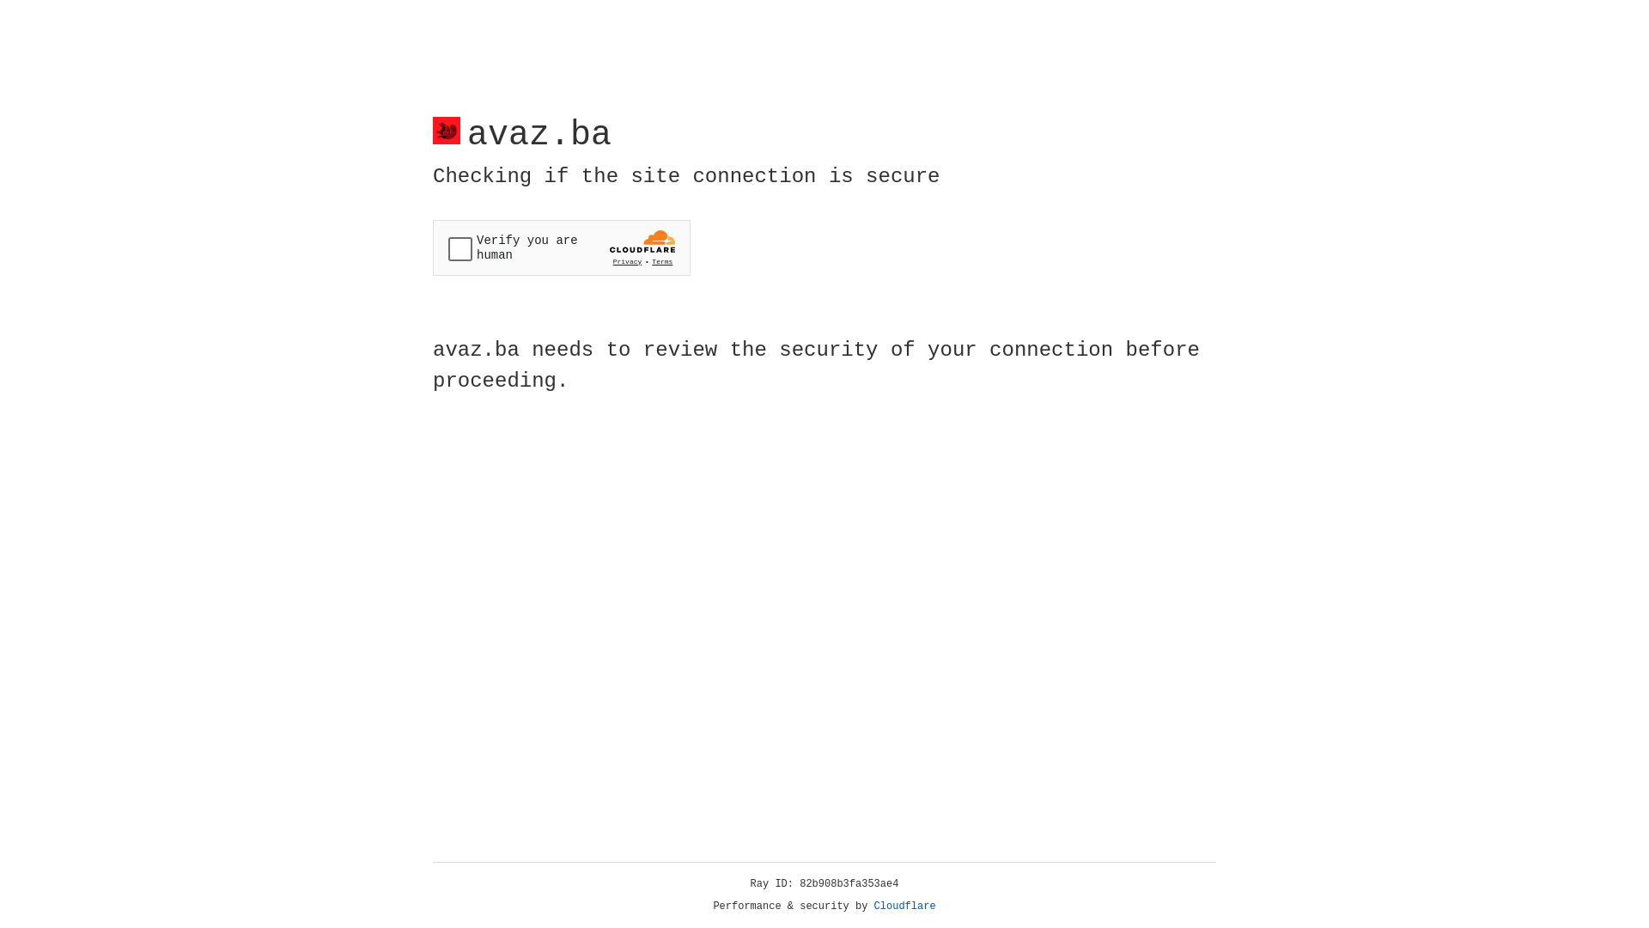 The height and width of the screenshot is (928, 1649). Describe the element at coordinates (561, 247) in the screenshot. I see `'Widget containing a Cloudflare security challenge'` at that location.